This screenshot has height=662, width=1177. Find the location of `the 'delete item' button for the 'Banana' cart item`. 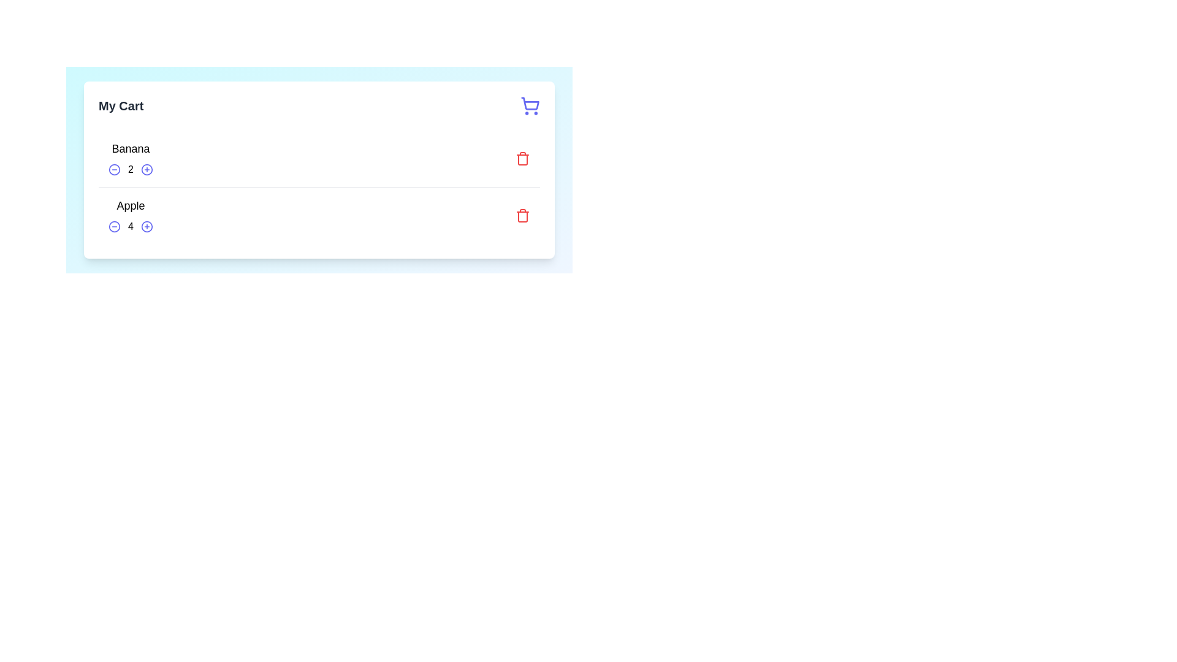

the 'delete item' button for the 'Banana' cart item is located at coordinates (523, 158).